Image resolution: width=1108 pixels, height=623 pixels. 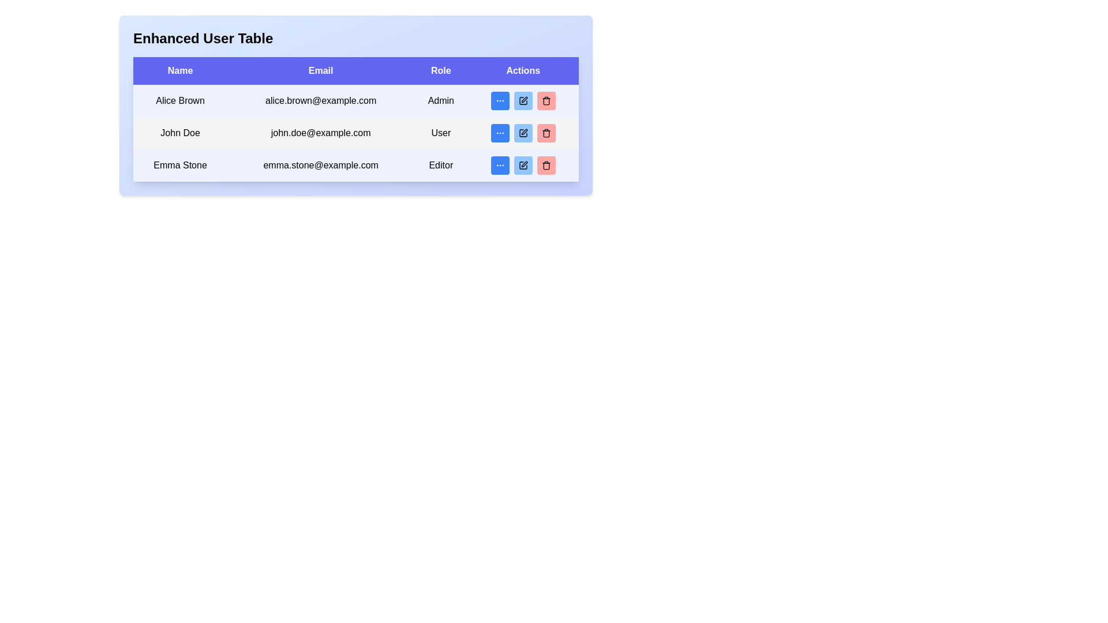 What do you see at coordinates (522, 133) in the screenshot?
I see `the 'Edit' button located in the second row of the 'Actions' column in the table` at bounding box center [522, 133].